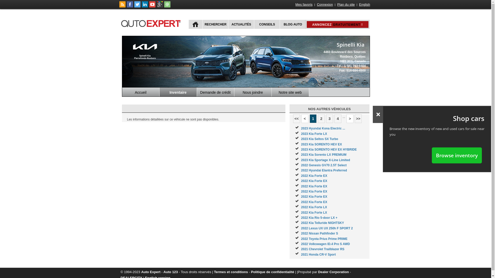  Describe the element at coordinates (144, 6) in the screenshot. I see `'Suivez Publications Le Guide Inc. sur LinkedIn'` at that location.